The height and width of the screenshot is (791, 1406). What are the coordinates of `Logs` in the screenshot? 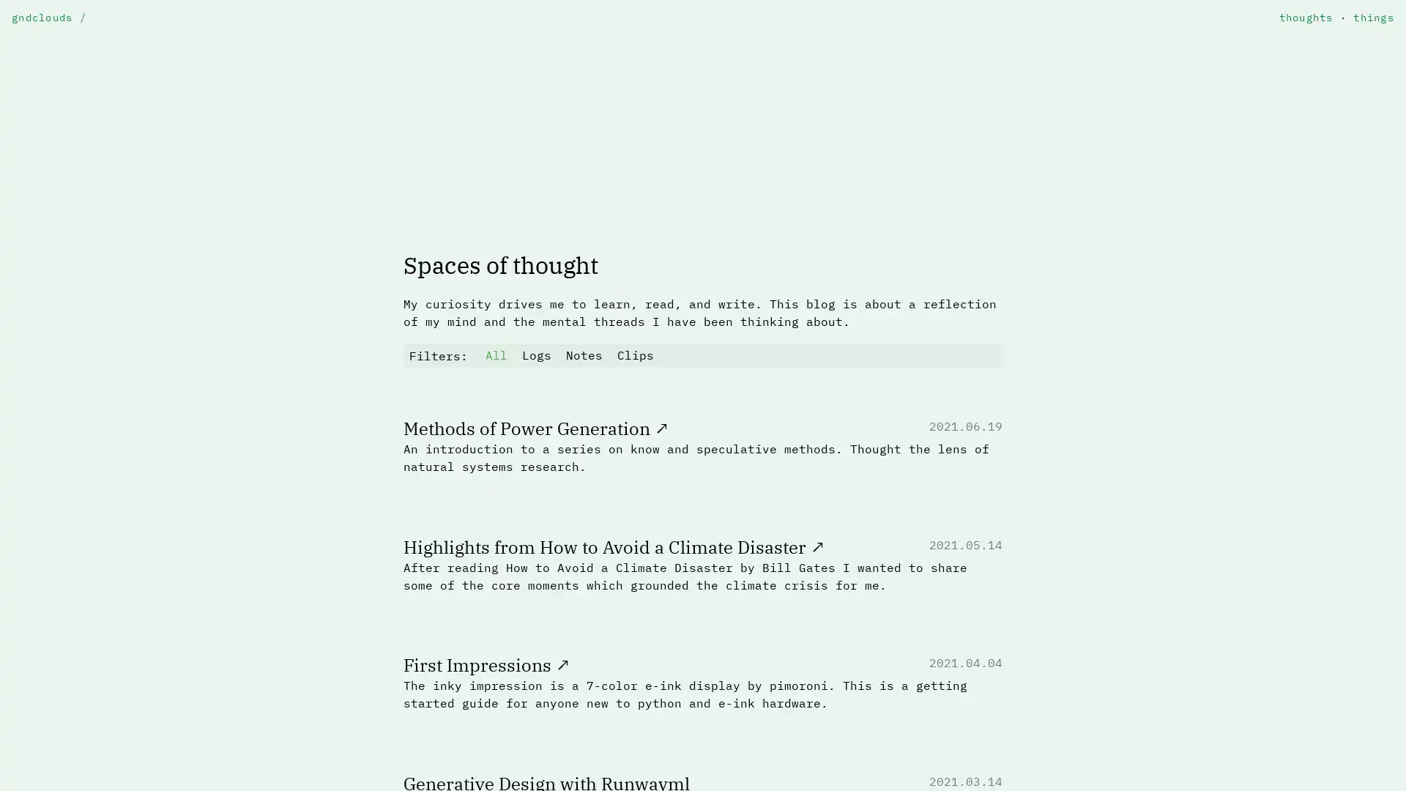 It's located at (536, 355).